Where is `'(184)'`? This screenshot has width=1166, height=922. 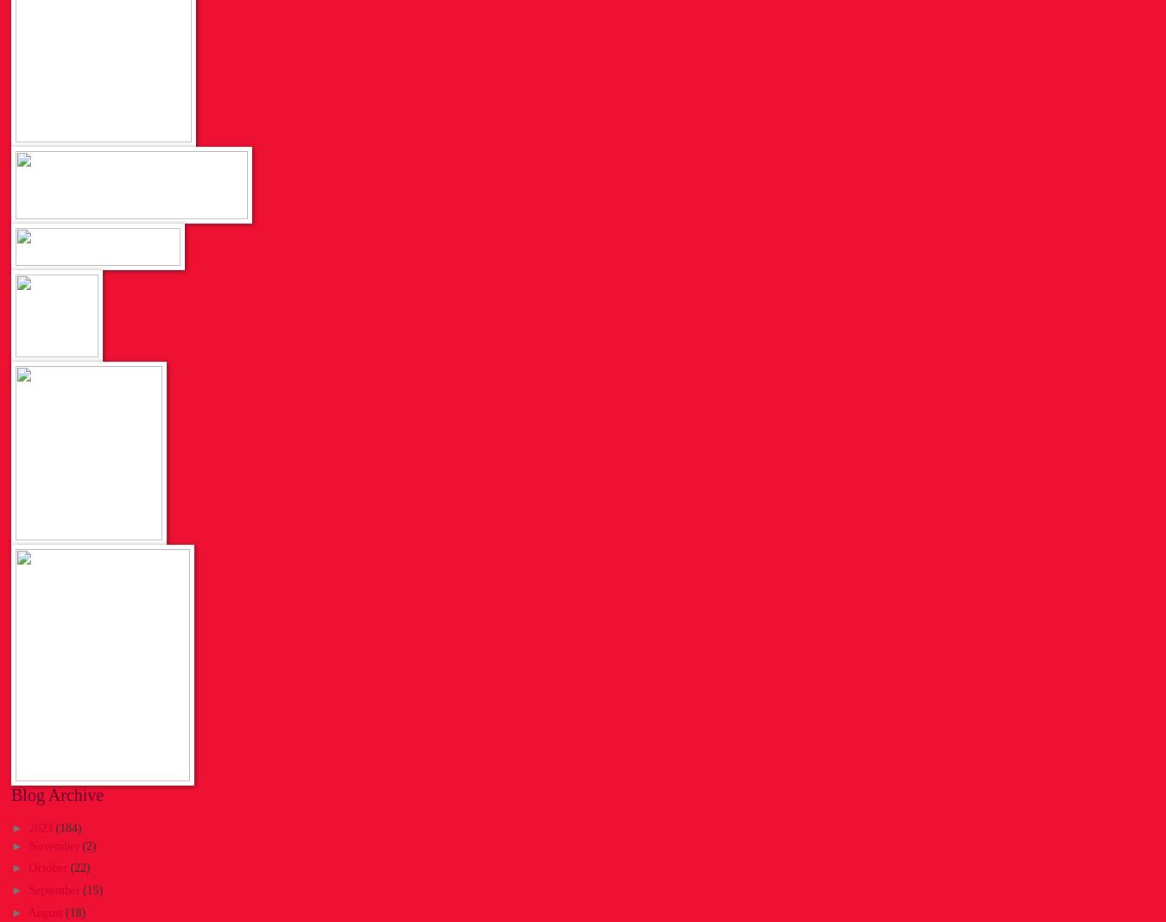 '(184)' is located at coordinates (67, 827).